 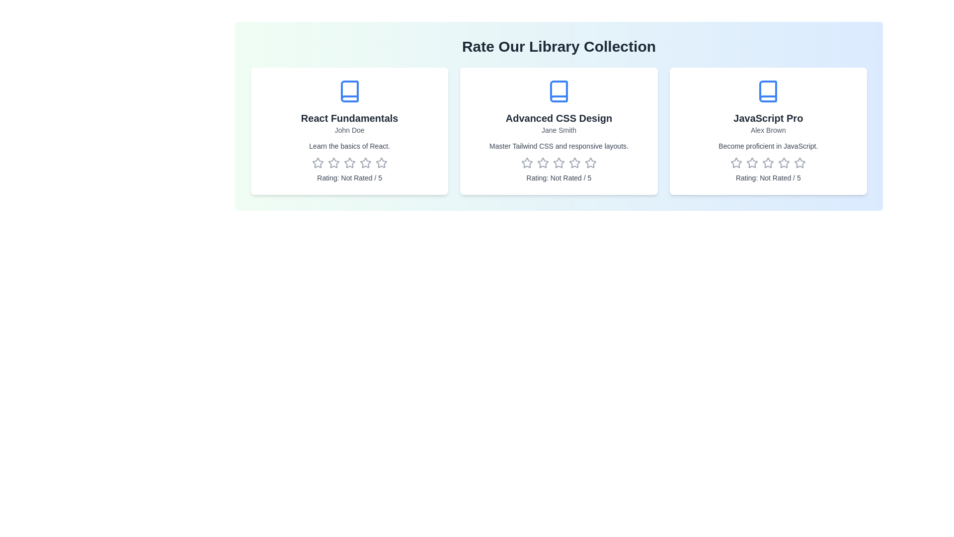 What do you see at coordinates (349, 130) in the screenshot?
I see `the book card for React Fundamentals to see the animation` at bounding box center [349, 130].